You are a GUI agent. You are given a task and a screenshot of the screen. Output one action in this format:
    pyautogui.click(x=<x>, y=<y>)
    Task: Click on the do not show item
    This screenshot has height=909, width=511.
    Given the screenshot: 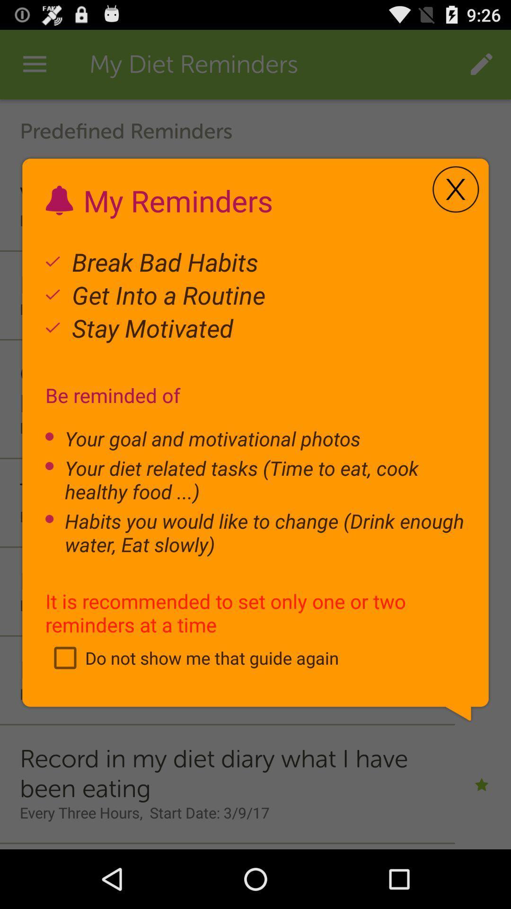 What is the action you would take?
    pyautogui.click(x=192, y=657)
    